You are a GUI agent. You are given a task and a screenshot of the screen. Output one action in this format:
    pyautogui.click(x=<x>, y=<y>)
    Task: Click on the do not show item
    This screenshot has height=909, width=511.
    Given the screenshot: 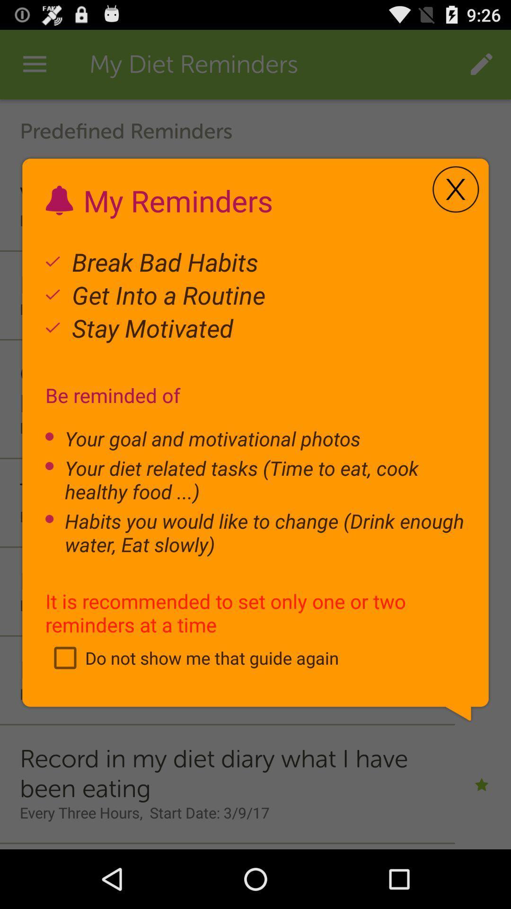 What is the action you would take?
    pyautogui.click(x=192, y=657)
    